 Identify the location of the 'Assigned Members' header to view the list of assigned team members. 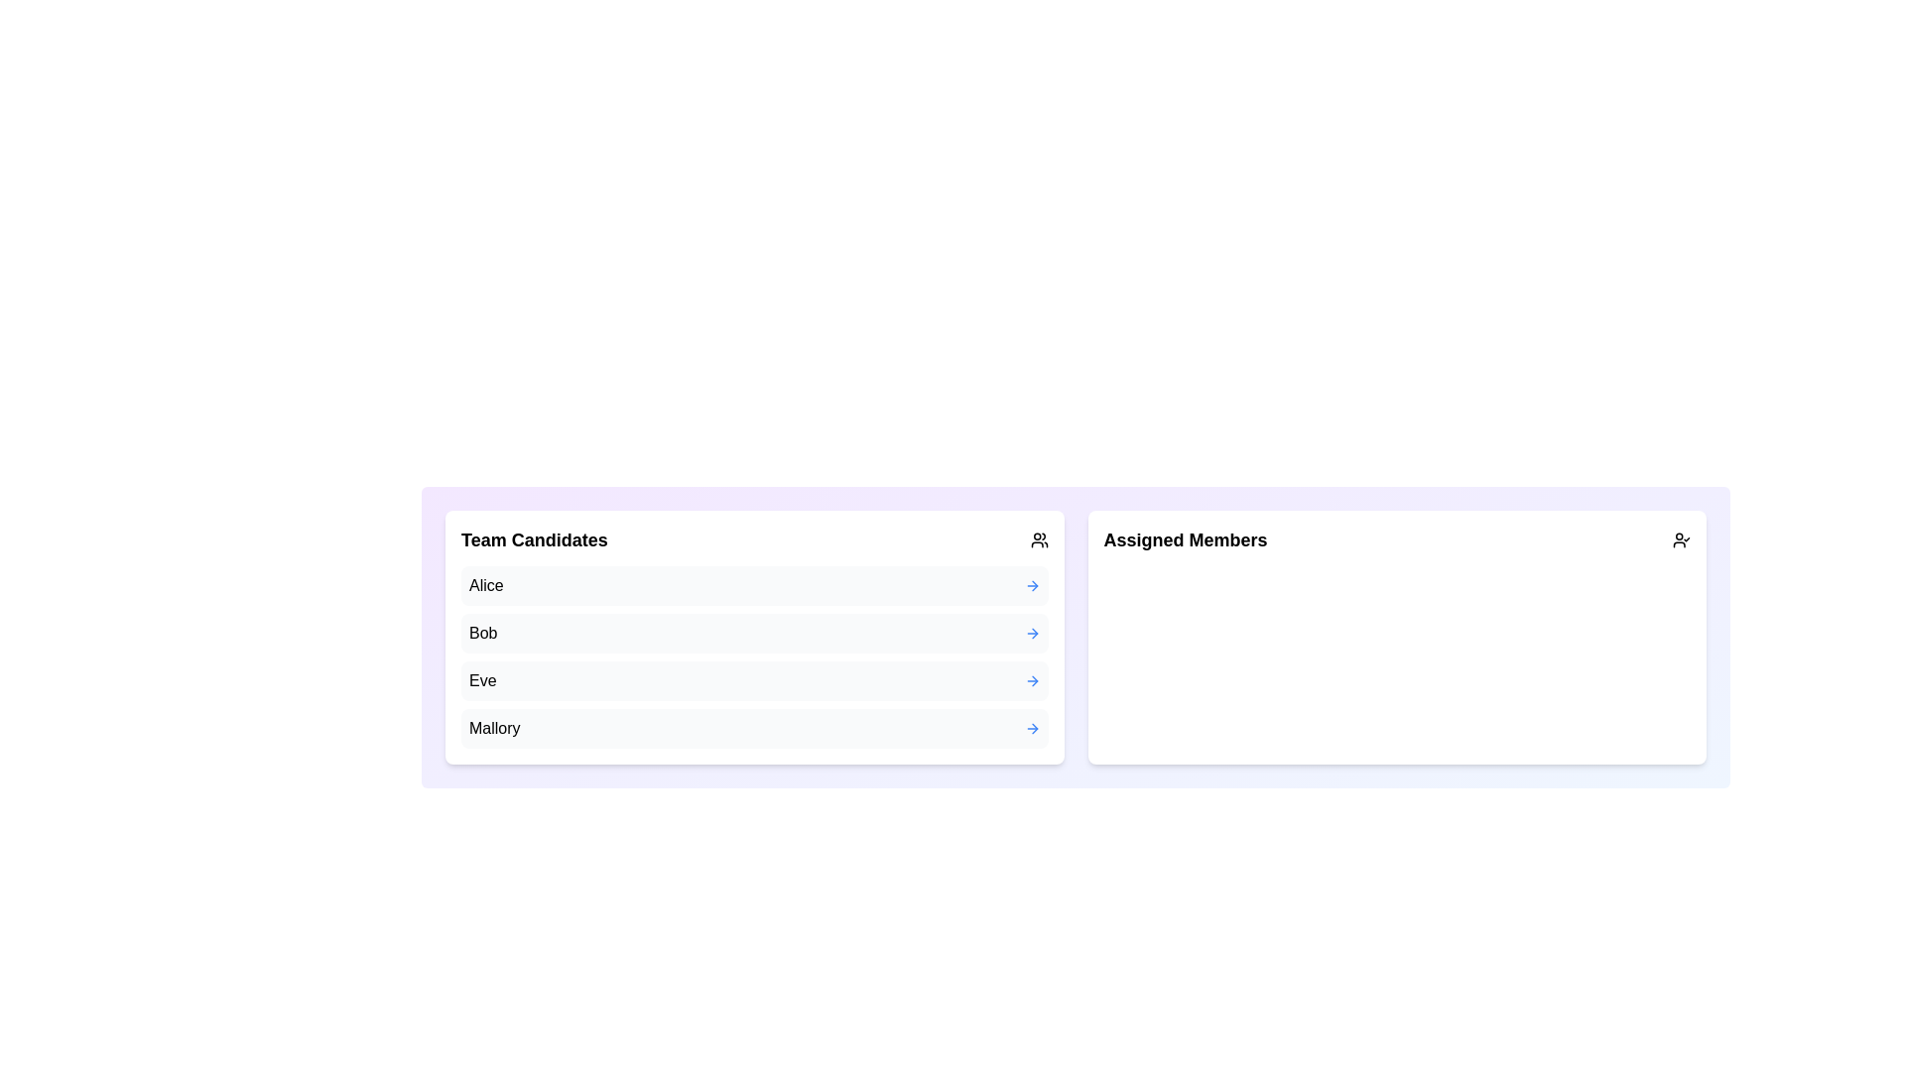
(1396, 539).